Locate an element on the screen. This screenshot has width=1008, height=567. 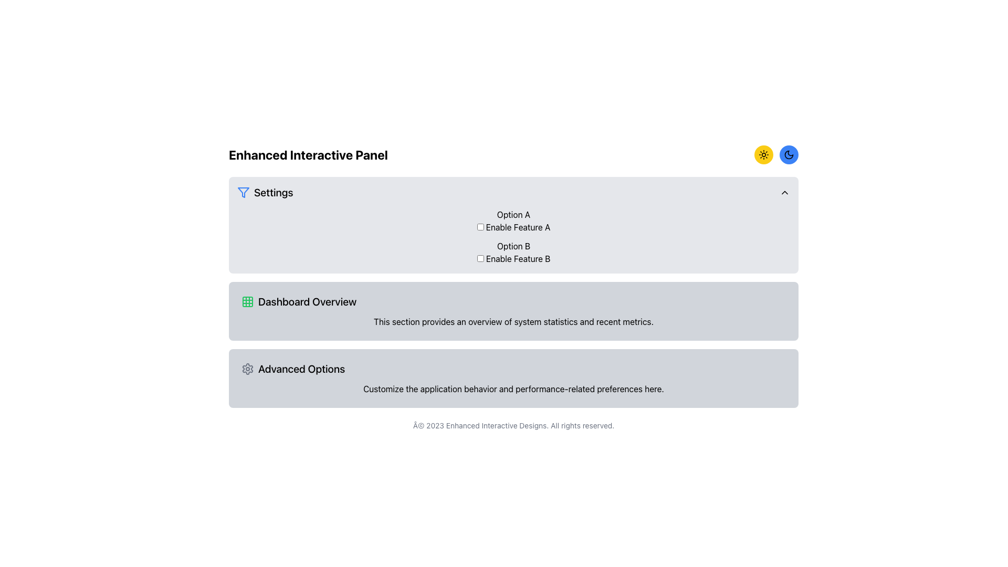
the dark mode toggle icon button located in the top-right corner of the interface is located at coordinates (789, 154).